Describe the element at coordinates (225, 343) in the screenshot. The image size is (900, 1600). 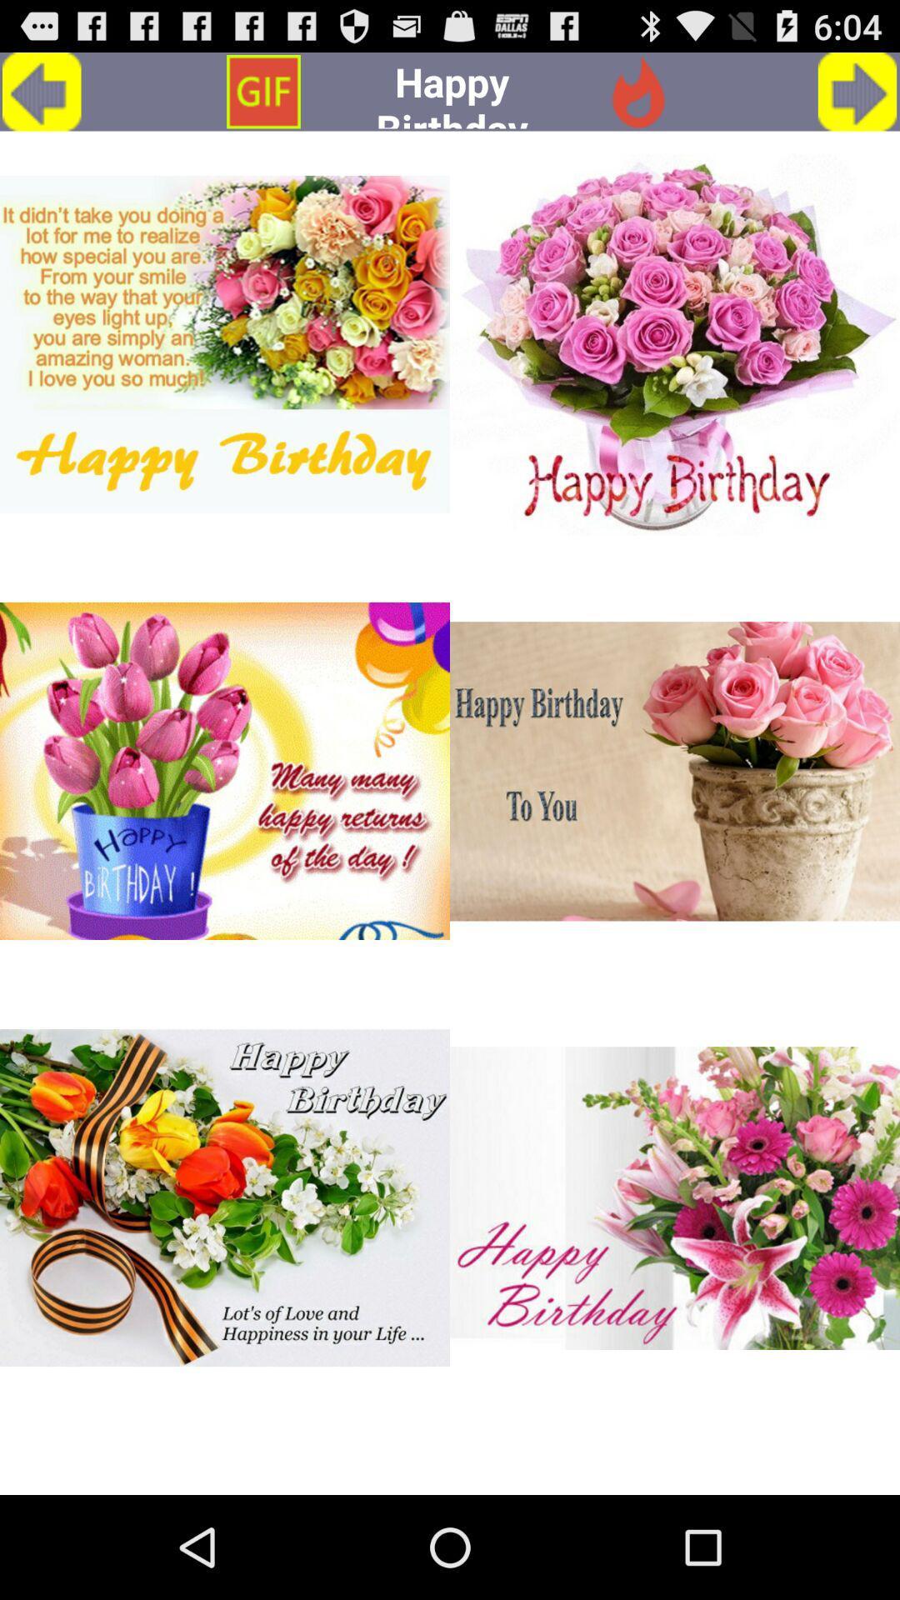
I see `a birthday card design` at that location.